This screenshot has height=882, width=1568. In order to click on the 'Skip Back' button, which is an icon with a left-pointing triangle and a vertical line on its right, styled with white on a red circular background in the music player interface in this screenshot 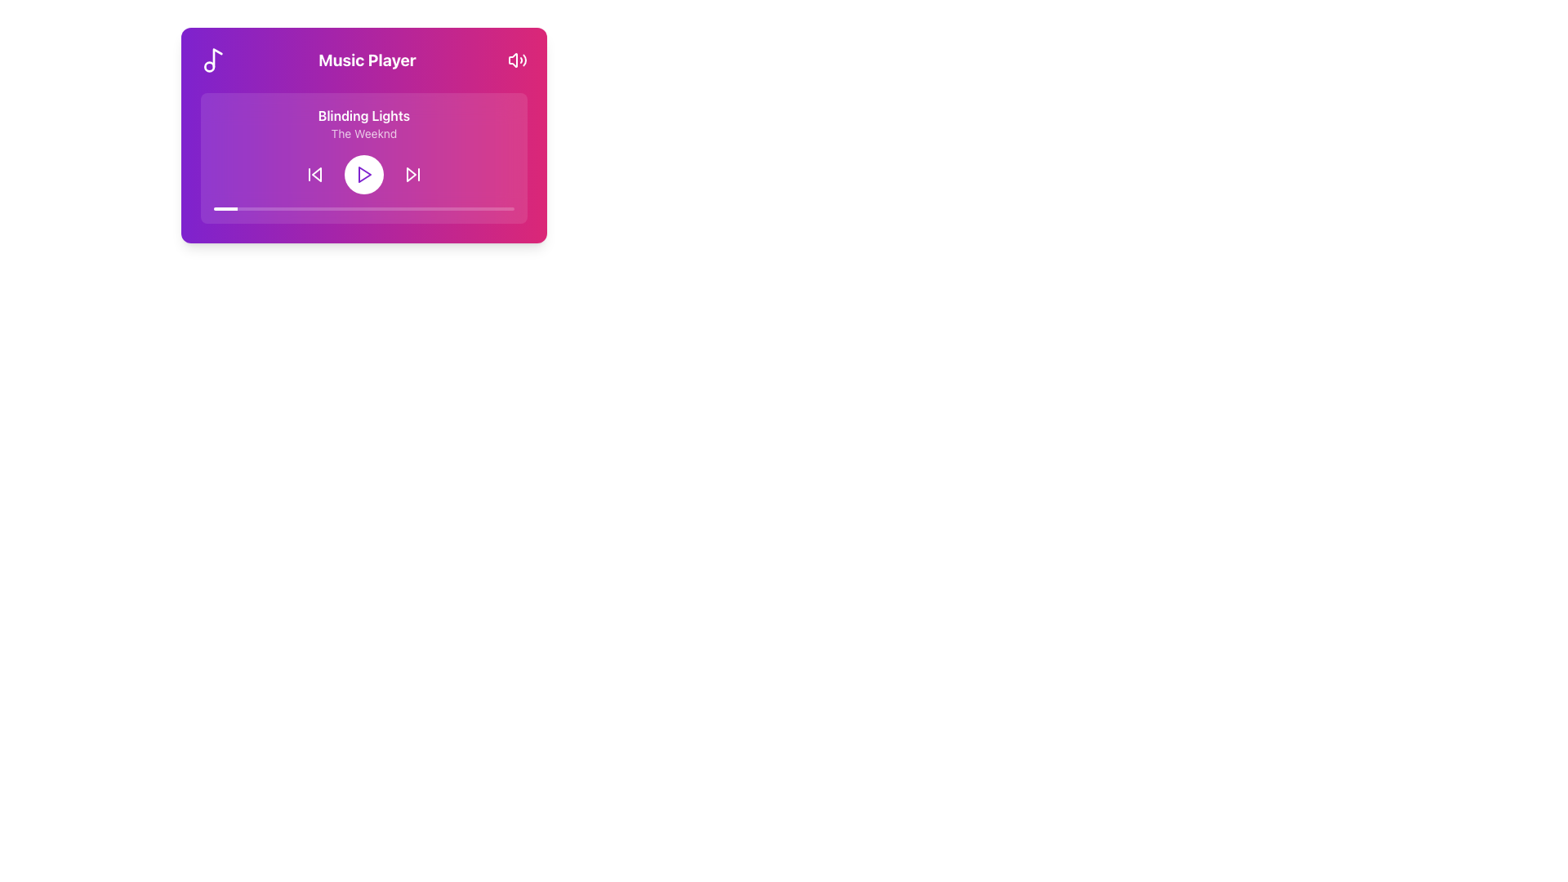, I will do `click(314, 174)`.